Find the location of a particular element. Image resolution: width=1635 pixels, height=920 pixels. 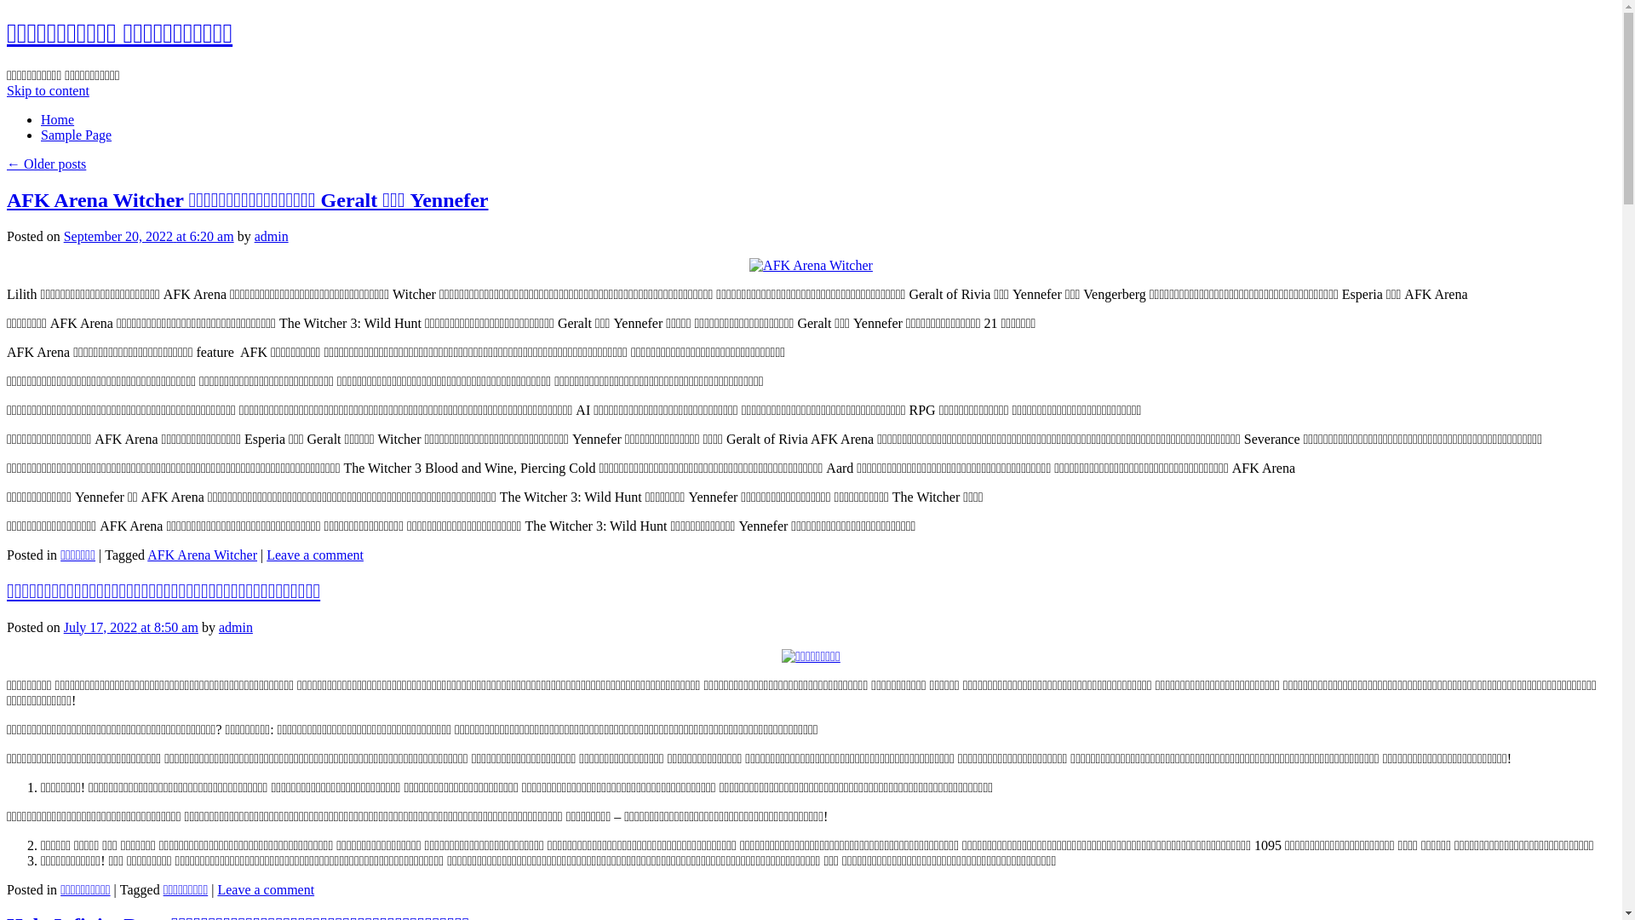

'admin' is located at coordinates (270, 236).